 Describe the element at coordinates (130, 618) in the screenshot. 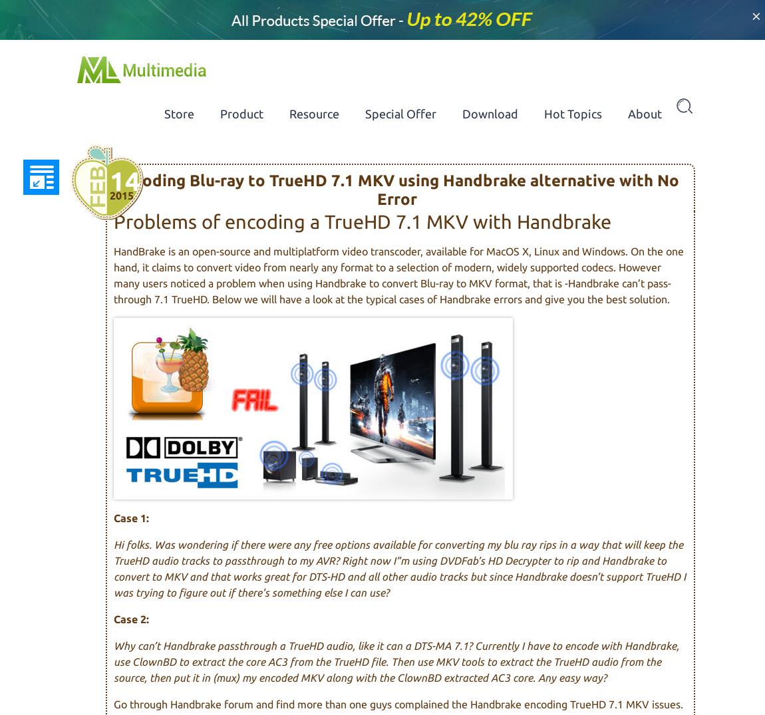

I see `'Case 2:'` at that location.